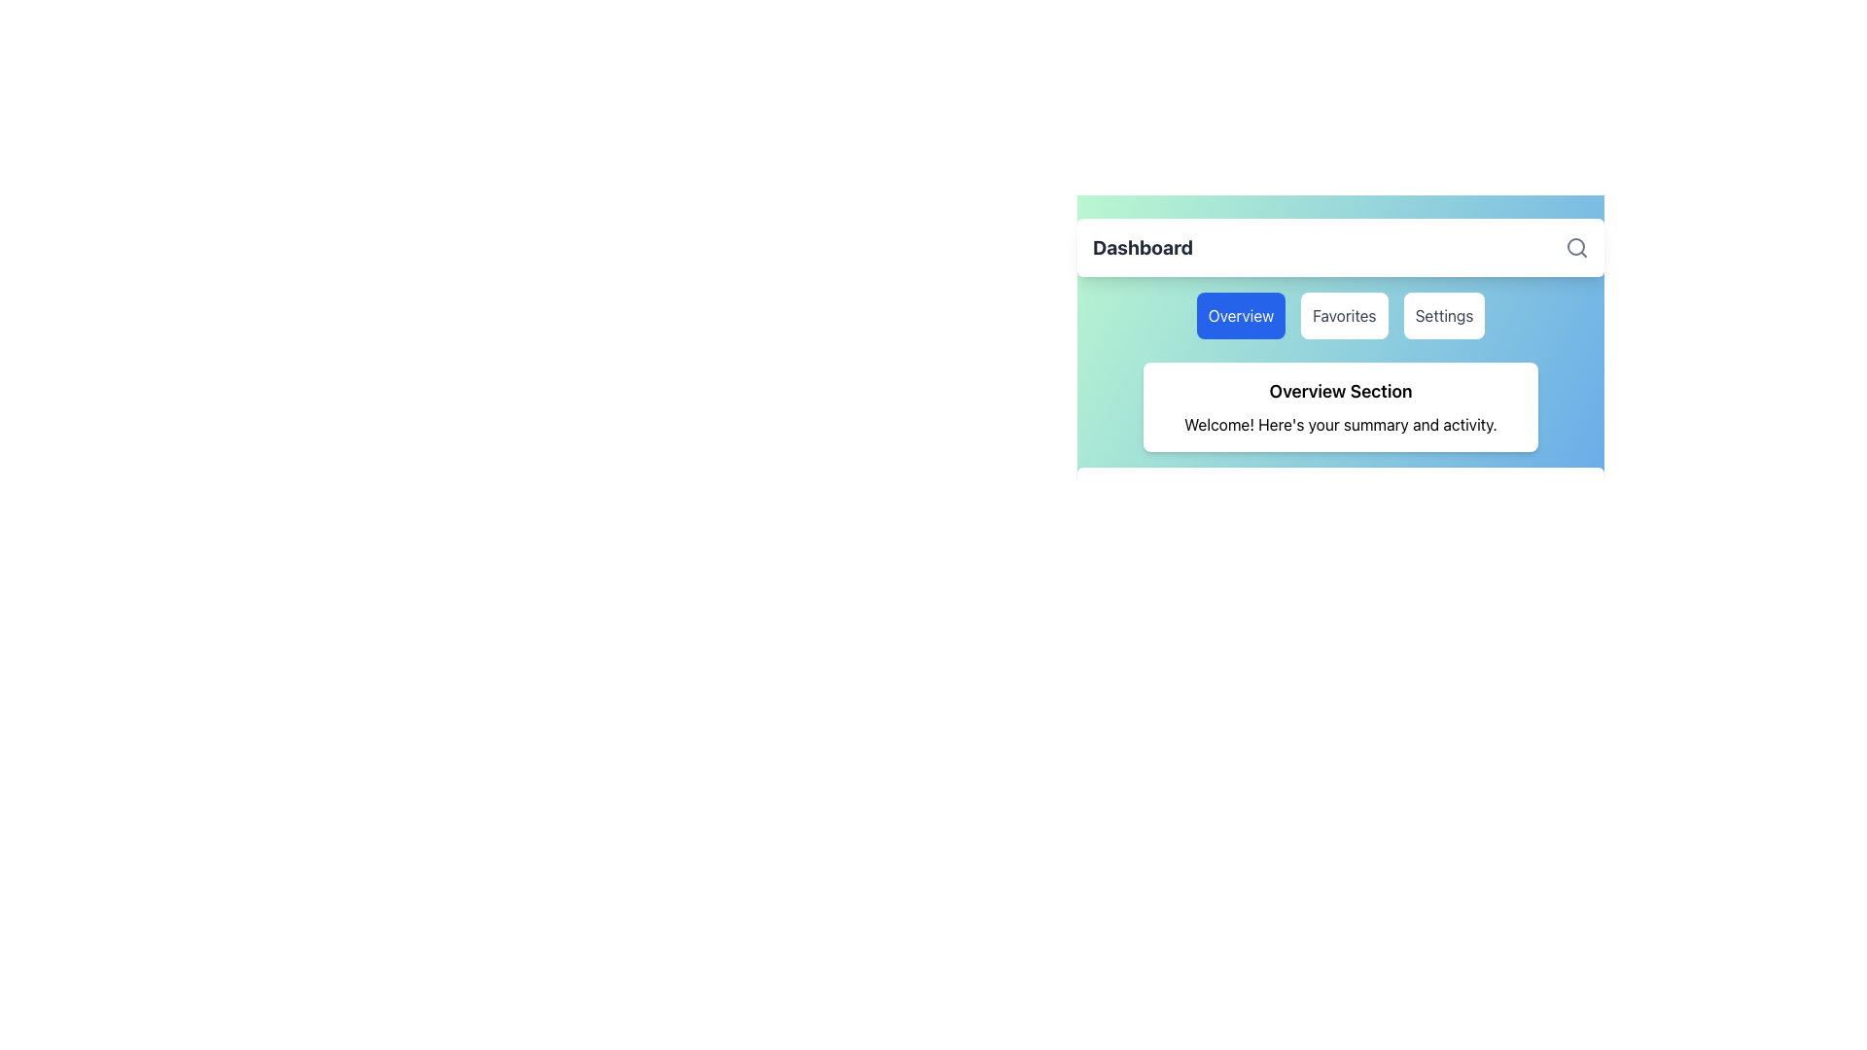 The height and width of the screenshot is (1050, 1867). What do you see at coordinates (1339, 423) in the screenshot?
I see `text label that provides a welcome note and brief summary, located directly beneath the 'Overview Section' header` at bounding box center [1339, 423].